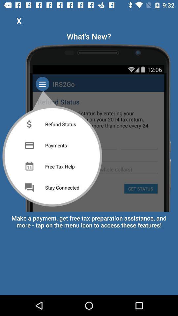 The image size is (178, 316). I want to click on item next to what's new?, so click(19, 20).